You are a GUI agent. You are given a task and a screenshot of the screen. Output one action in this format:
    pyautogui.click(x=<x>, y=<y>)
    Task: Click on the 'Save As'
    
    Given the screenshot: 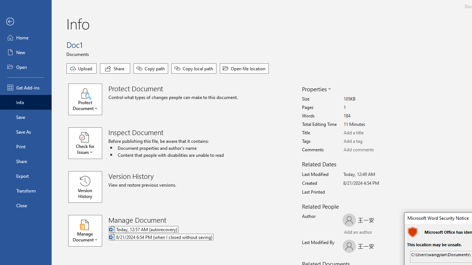 What is the action you would take?
    pyautogui.click(x=25, y=131)
    